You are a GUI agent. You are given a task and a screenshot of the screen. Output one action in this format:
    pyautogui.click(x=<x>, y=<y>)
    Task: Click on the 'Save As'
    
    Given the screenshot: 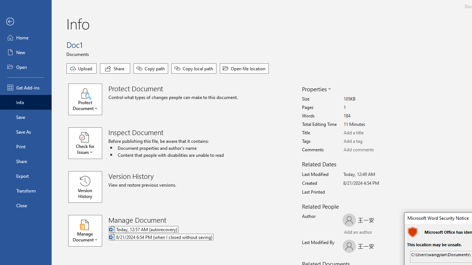 What is the action you would take?
    pyautogui.click(x=25, y=131)
    